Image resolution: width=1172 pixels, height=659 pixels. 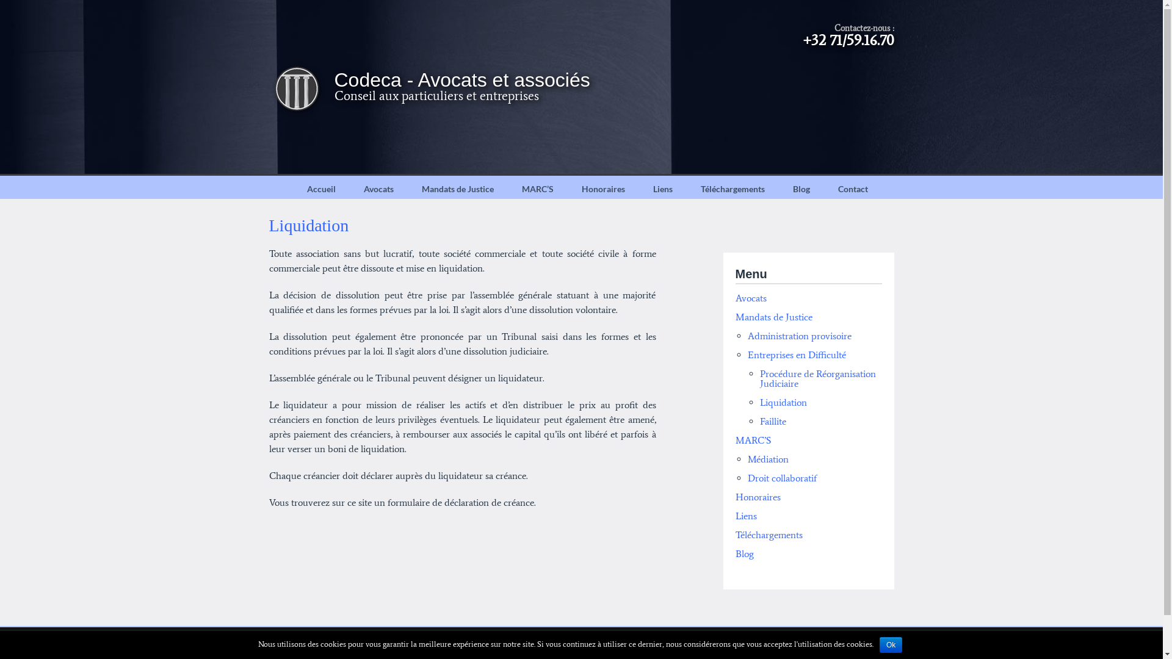 I want to click on 'Contact', so click(x=852, y=189).